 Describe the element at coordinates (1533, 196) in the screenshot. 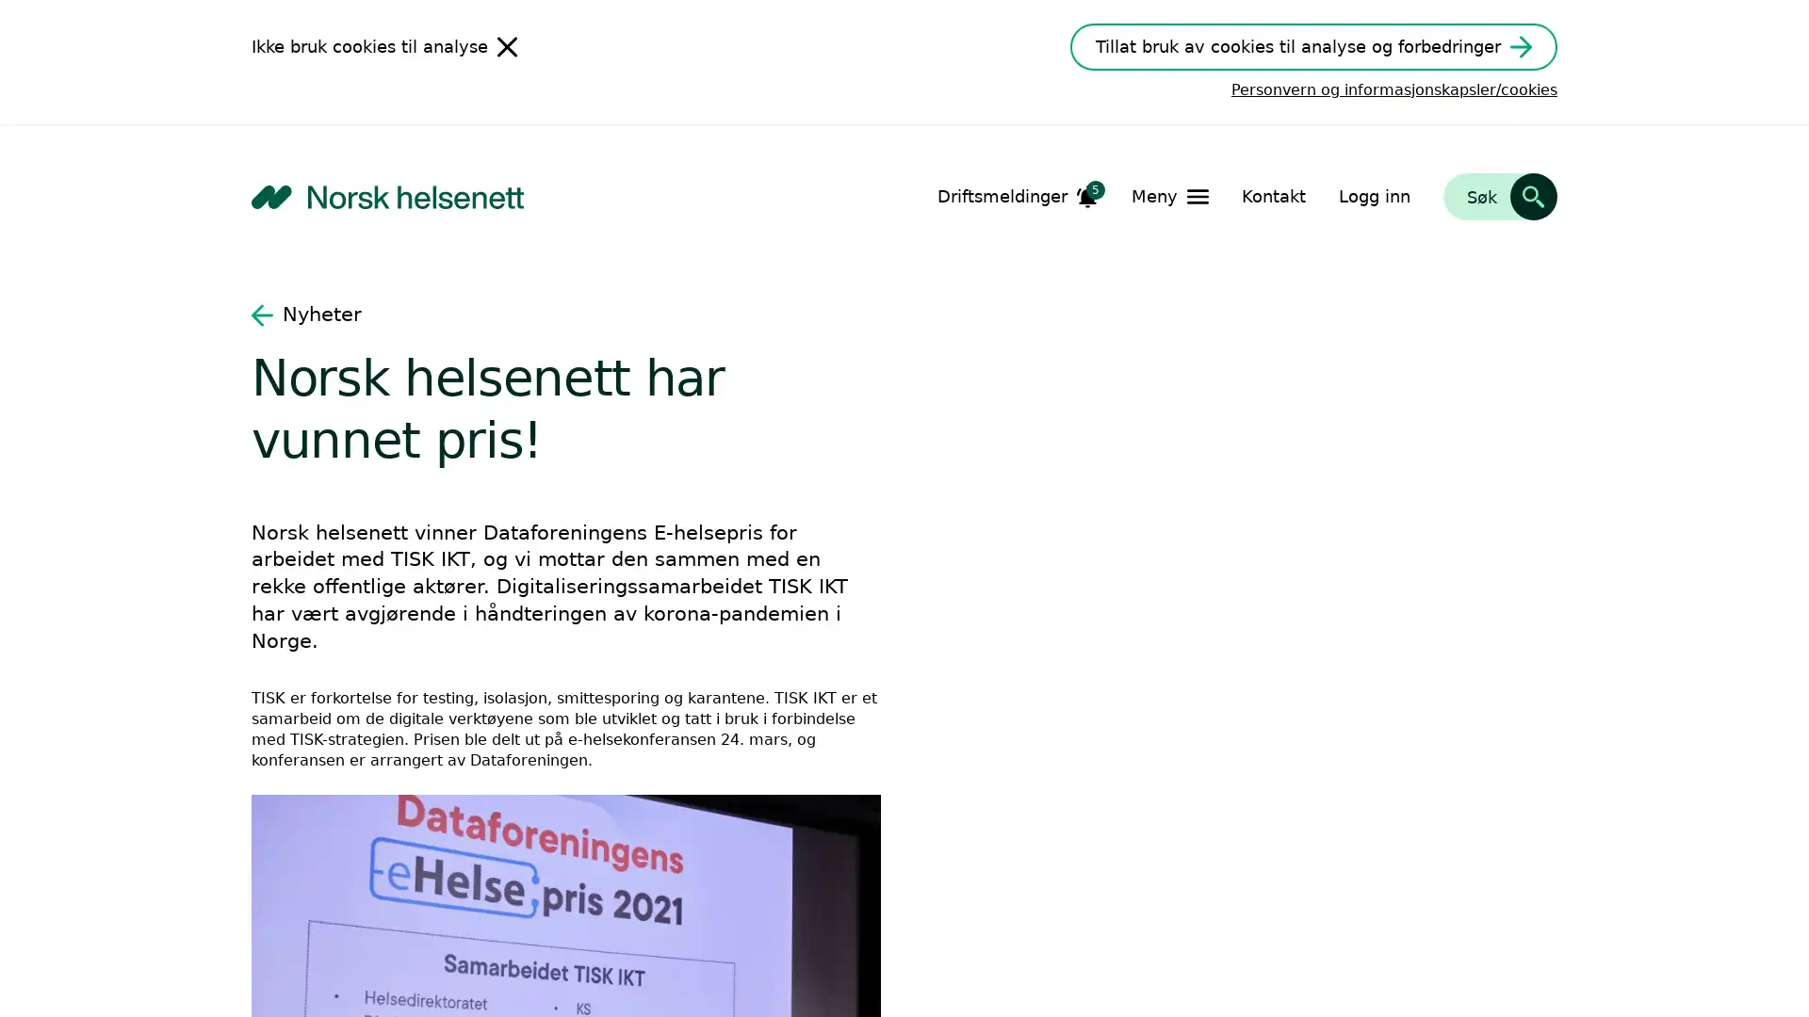

I see `Sk` at that location.